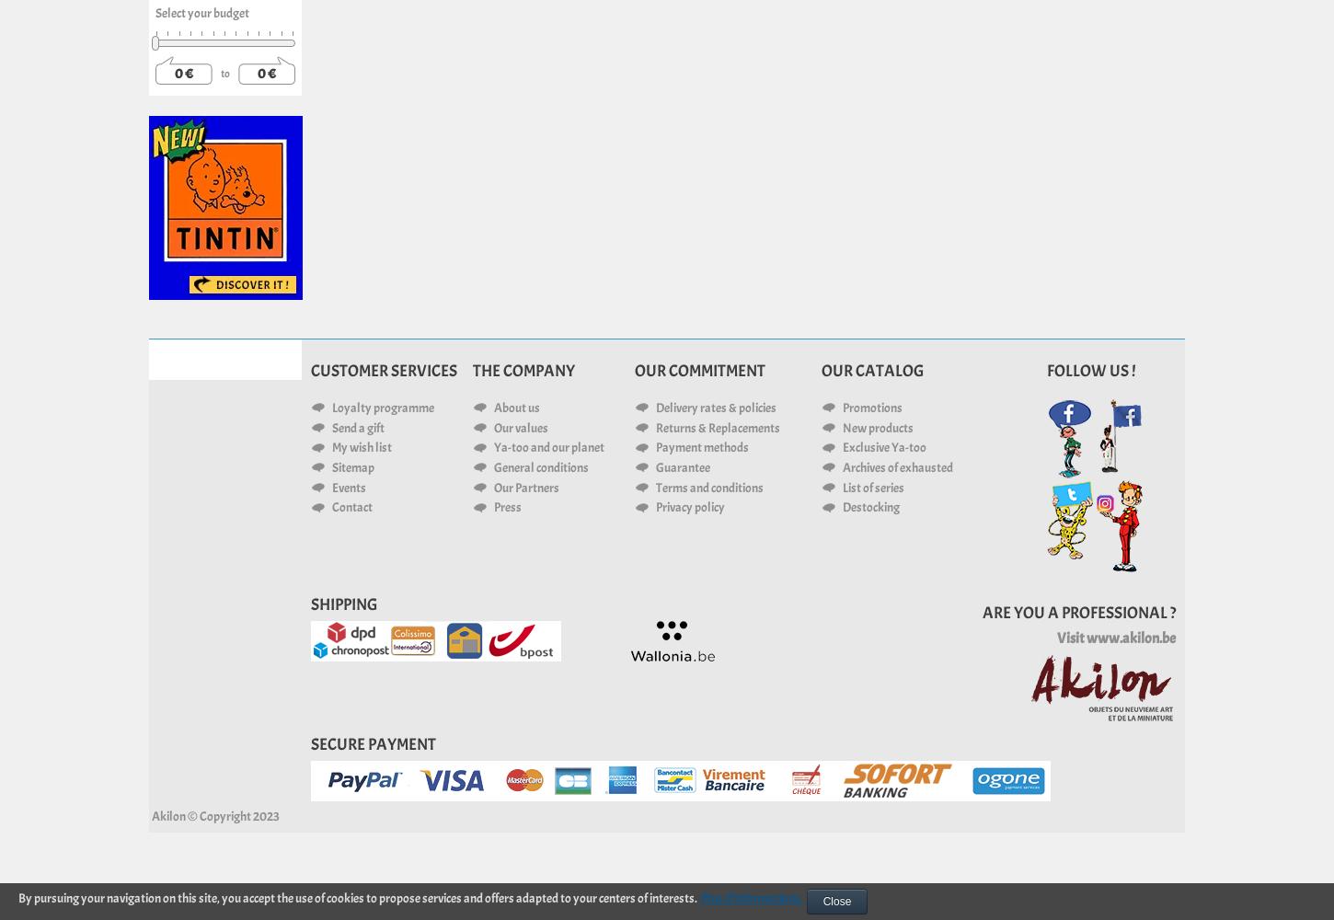 The height and width of the screenshot is (920, 1334). Describe the element at coordinates (357, 426) in the screenshot. I see `'Send a gift'` at that location.